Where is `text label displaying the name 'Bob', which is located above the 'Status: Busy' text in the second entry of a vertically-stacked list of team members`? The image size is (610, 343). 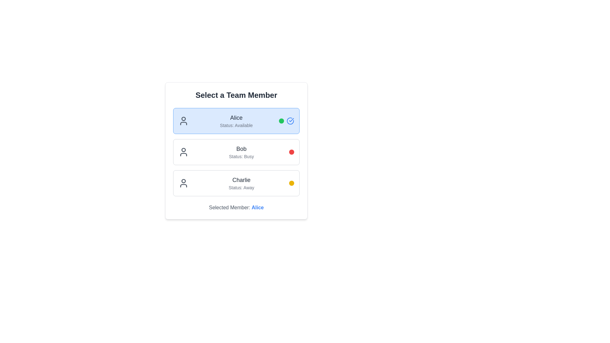 text label displaying the name 'Bob', which is located above the 'Status: Busy' text in the second entry of a vertically-stacked list of team members is located at coordinates (241, 149).